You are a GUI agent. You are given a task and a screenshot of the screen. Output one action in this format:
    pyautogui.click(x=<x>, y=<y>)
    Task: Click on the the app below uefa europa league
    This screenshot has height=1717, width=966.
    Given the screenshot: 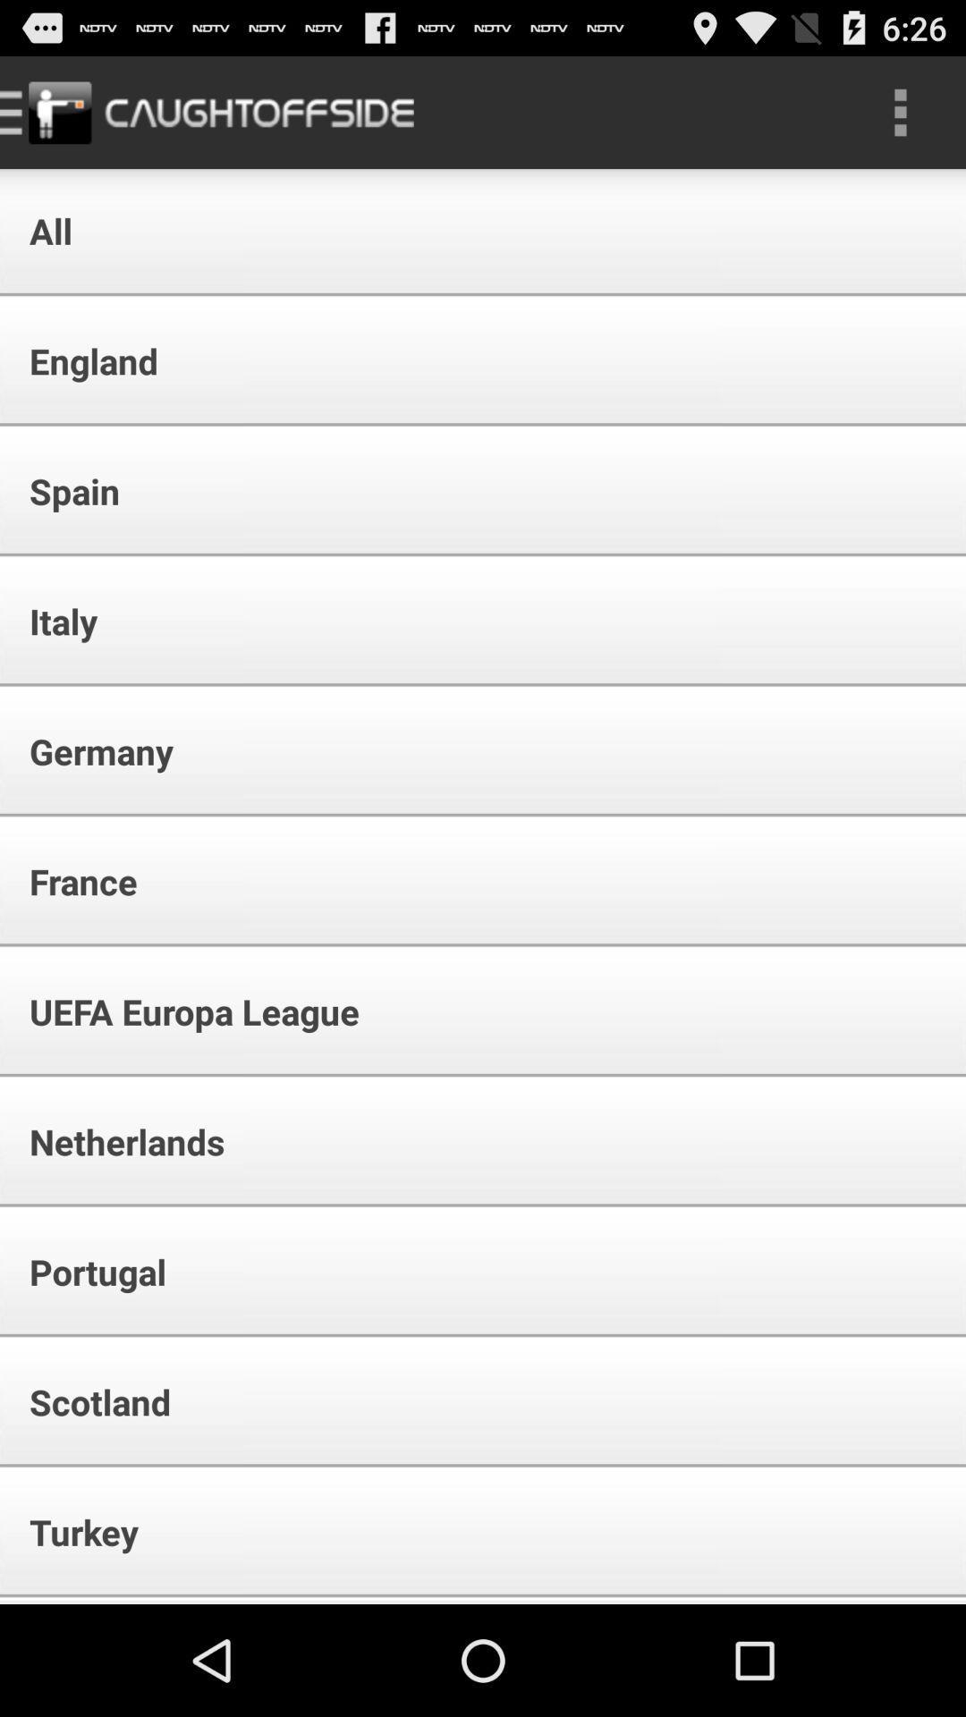 What is the action you would take?
    pyautogui.click(x=114, y=1140)
    